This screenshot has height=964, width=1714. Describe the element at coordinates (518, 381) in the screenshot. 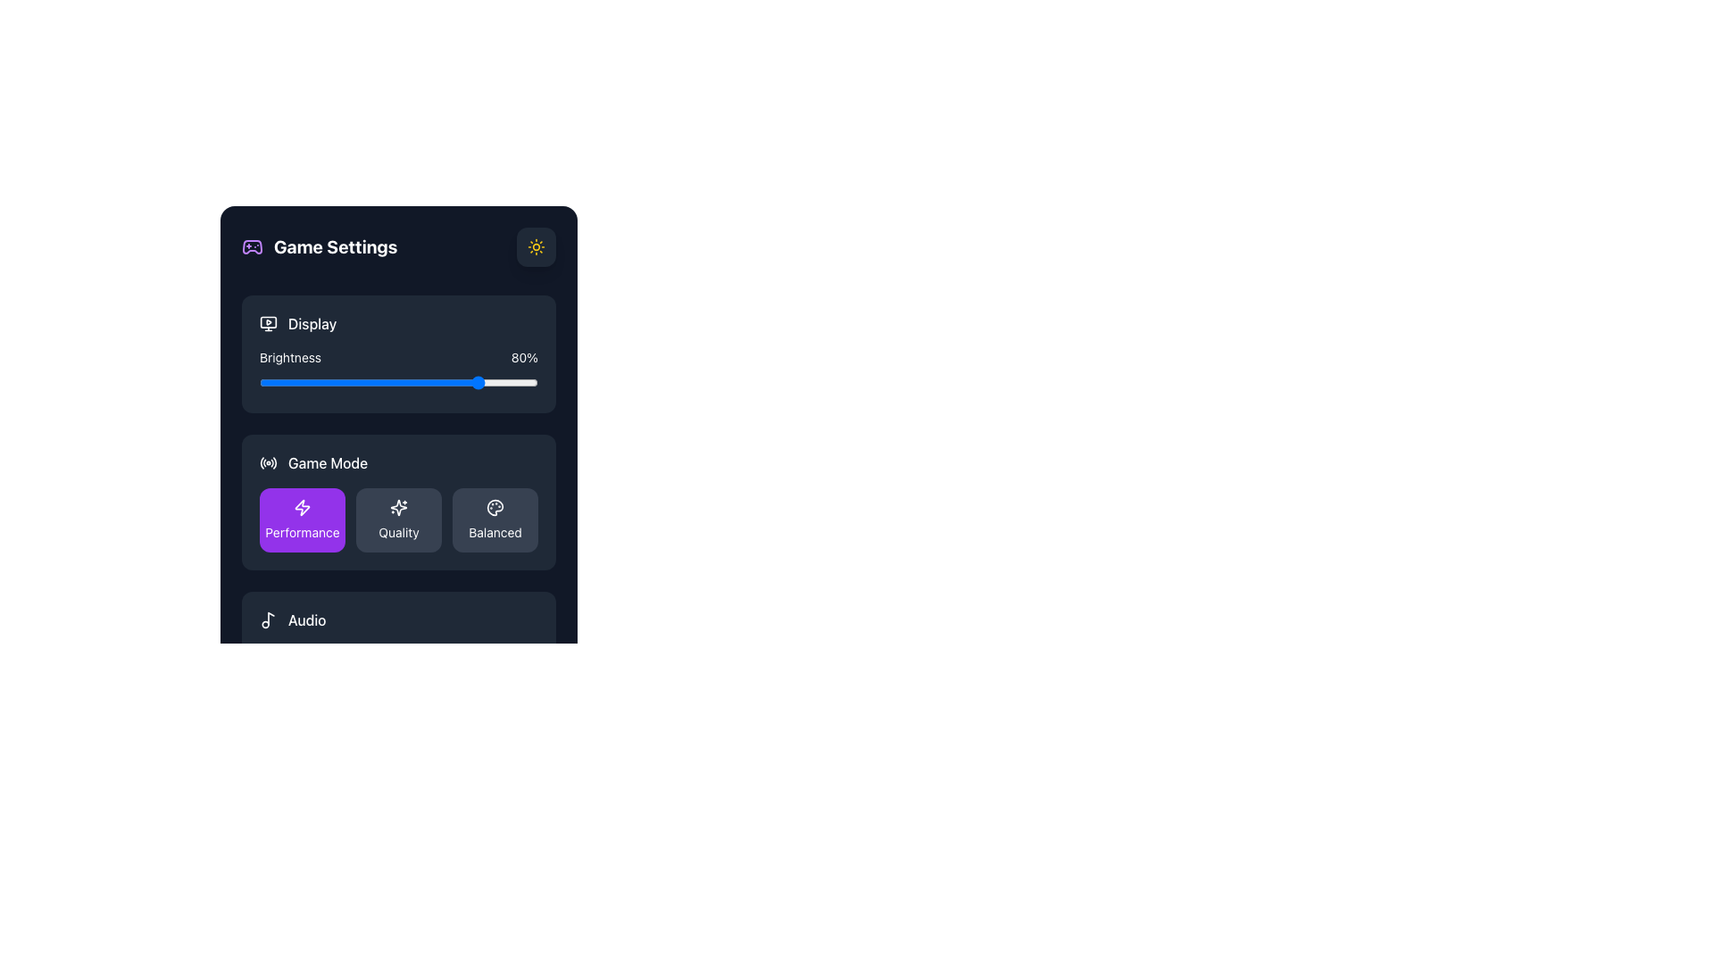

I see `brightness level` at that location.